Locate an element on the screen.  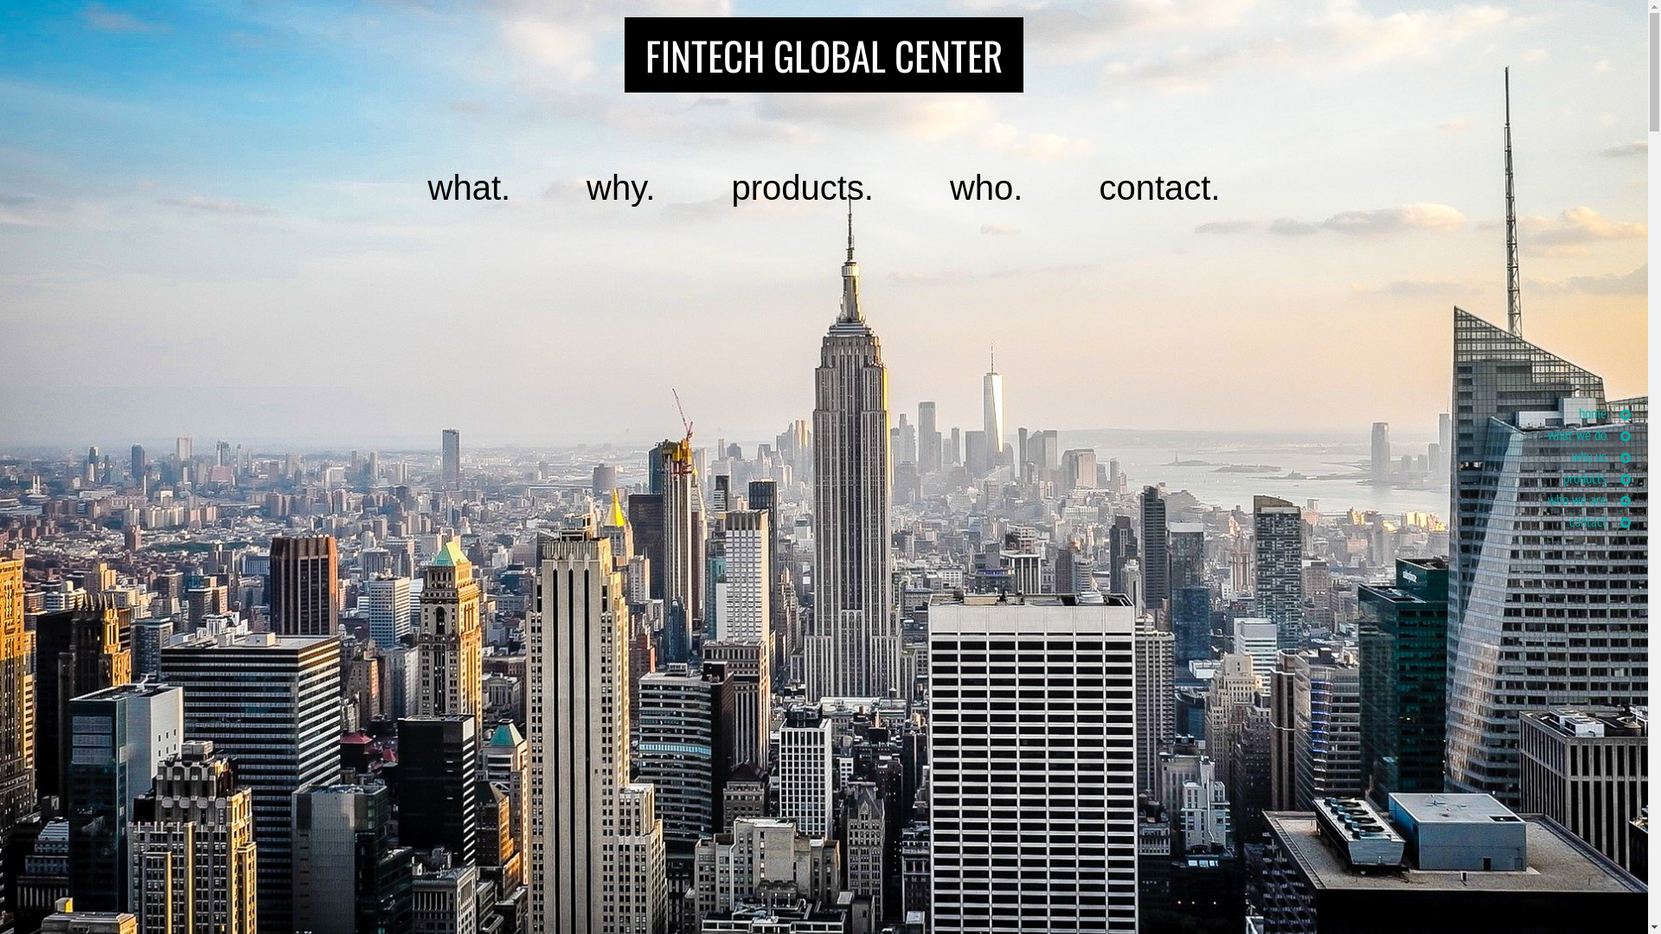
'FINTECH GLOBAL CENTER' is located at coordinates (823, 54).